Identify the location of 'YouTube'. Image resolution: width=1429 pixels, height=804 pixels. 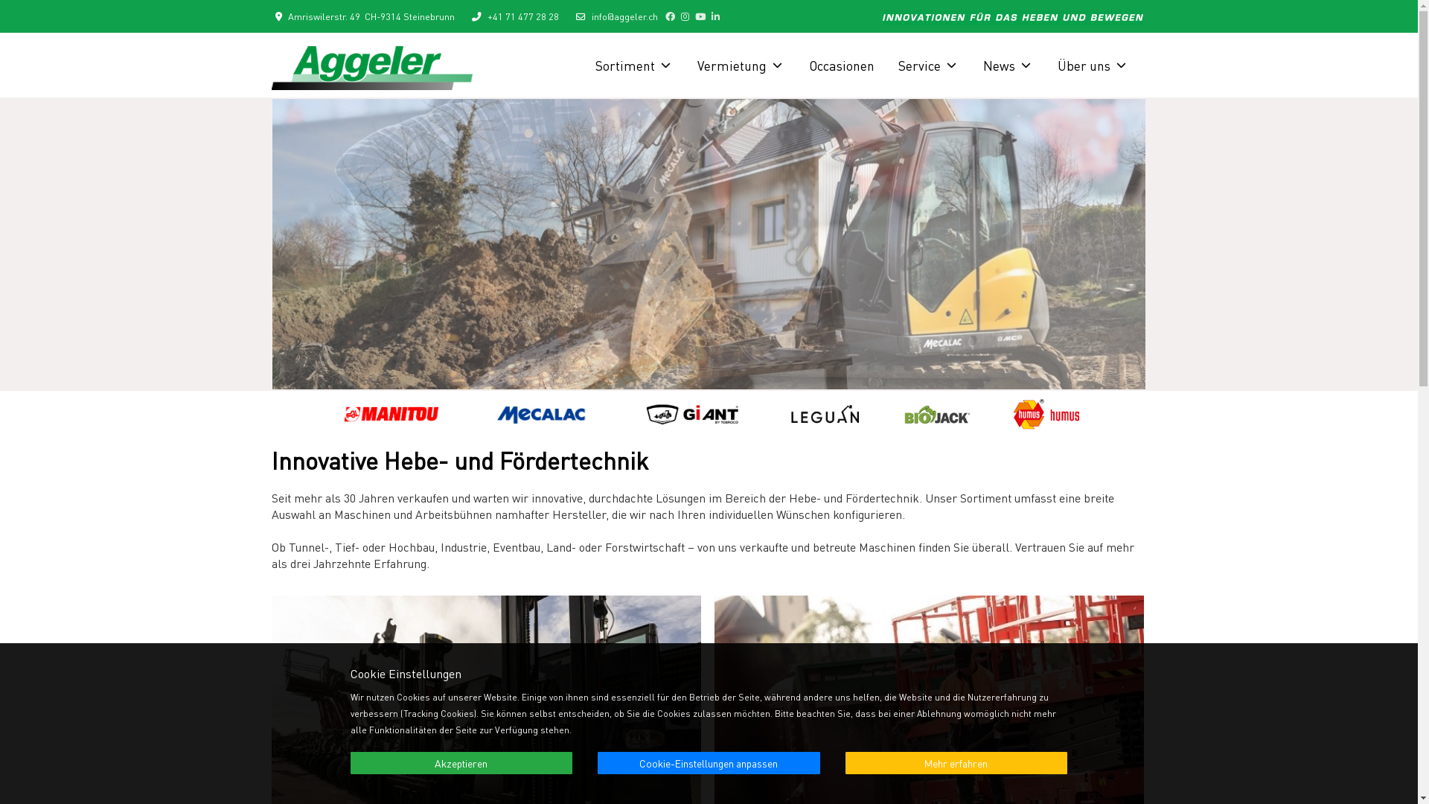
(699, 16).